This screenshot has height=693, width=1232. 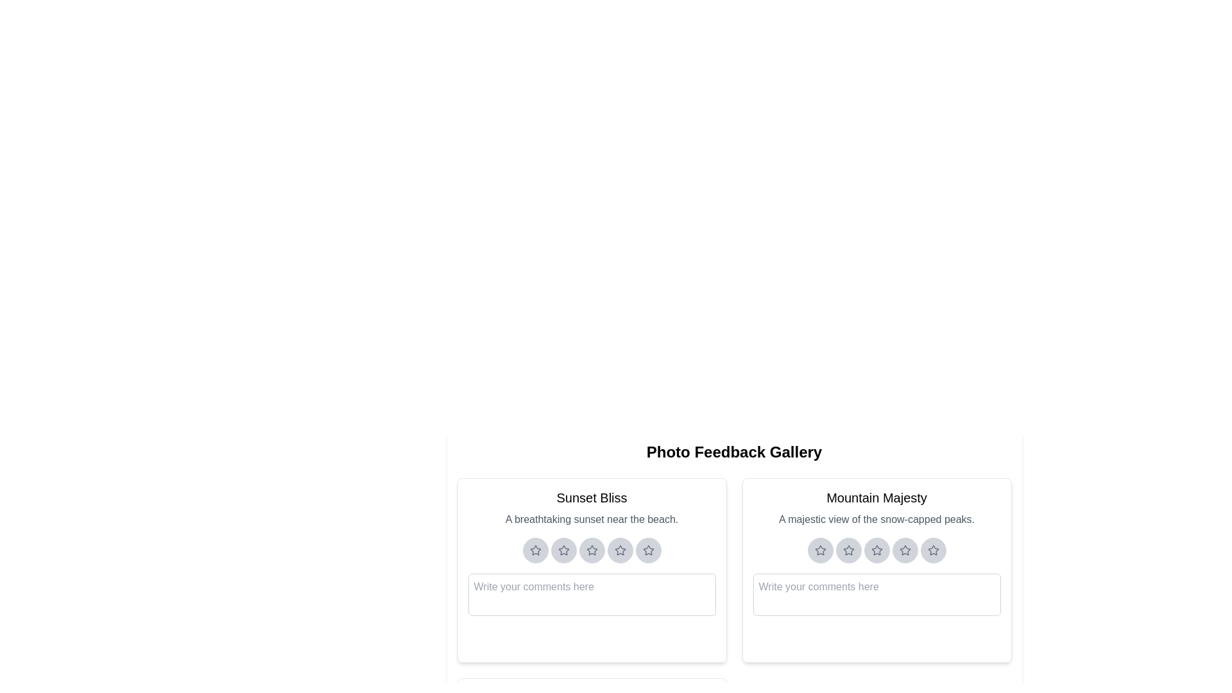 What do you see at coordinates (535, 549) in the screenshot?
I see `the first star in the star rating system located under the 'Sunset Bliss' photo title and description` at bounding box center [535, 549].